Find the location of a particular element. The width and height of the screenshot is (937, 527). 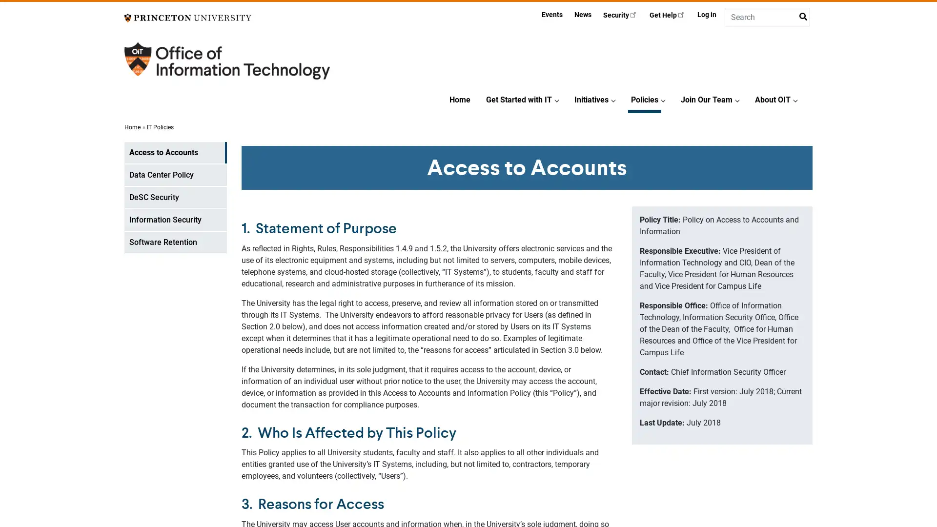

Submit is located at coordinates (796, 17).